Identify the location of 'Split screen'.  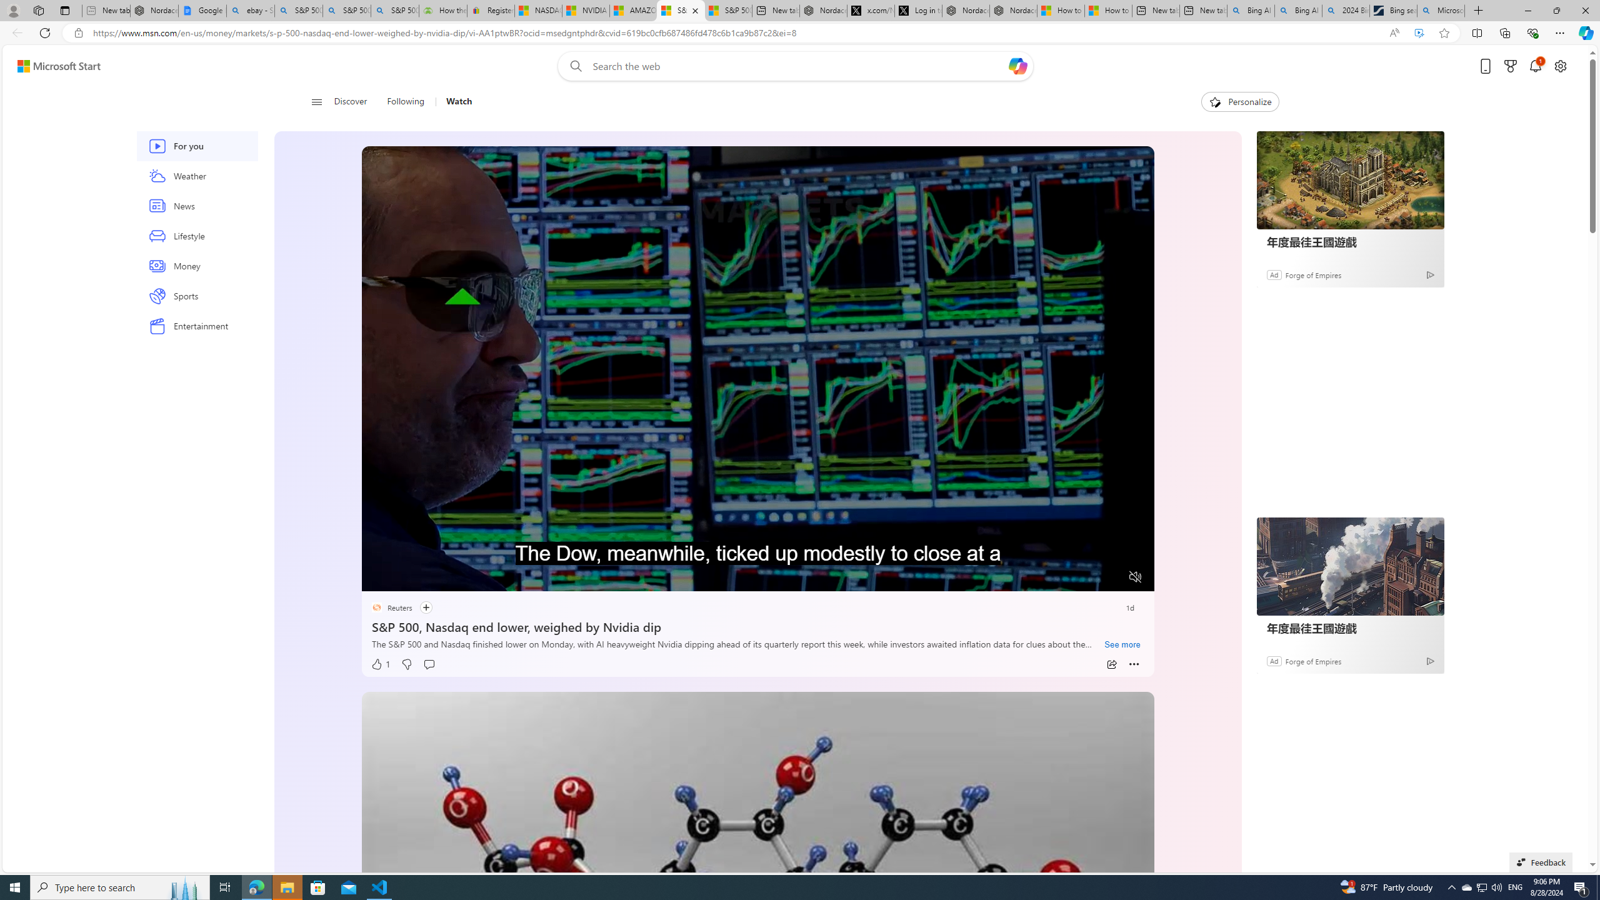
(1477, 32).